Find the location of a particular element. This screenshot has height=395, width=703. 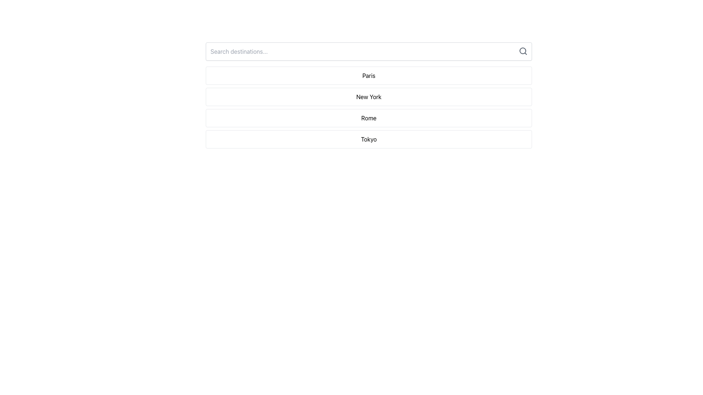

the label displaying 'Rome', which is the third option in a vertical list of four options is located at coordinates (369, 118).